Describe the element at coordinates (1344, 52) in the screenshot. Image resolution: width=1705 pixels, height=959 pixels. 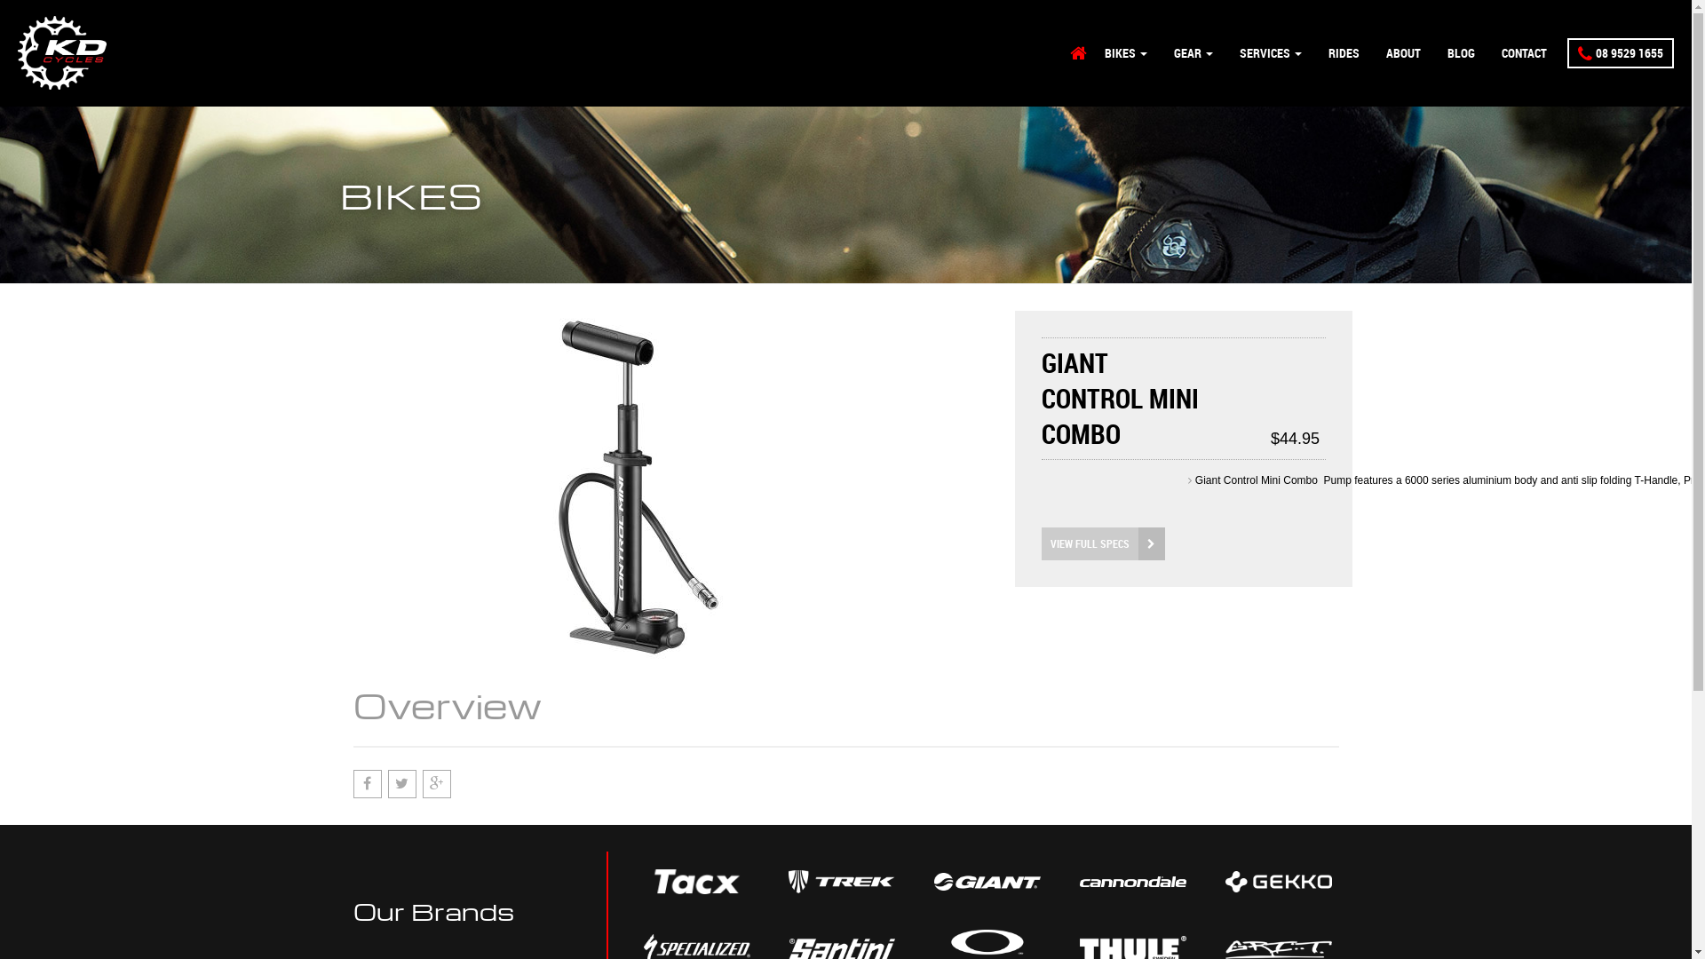
I see `'RIDES'` at that location.